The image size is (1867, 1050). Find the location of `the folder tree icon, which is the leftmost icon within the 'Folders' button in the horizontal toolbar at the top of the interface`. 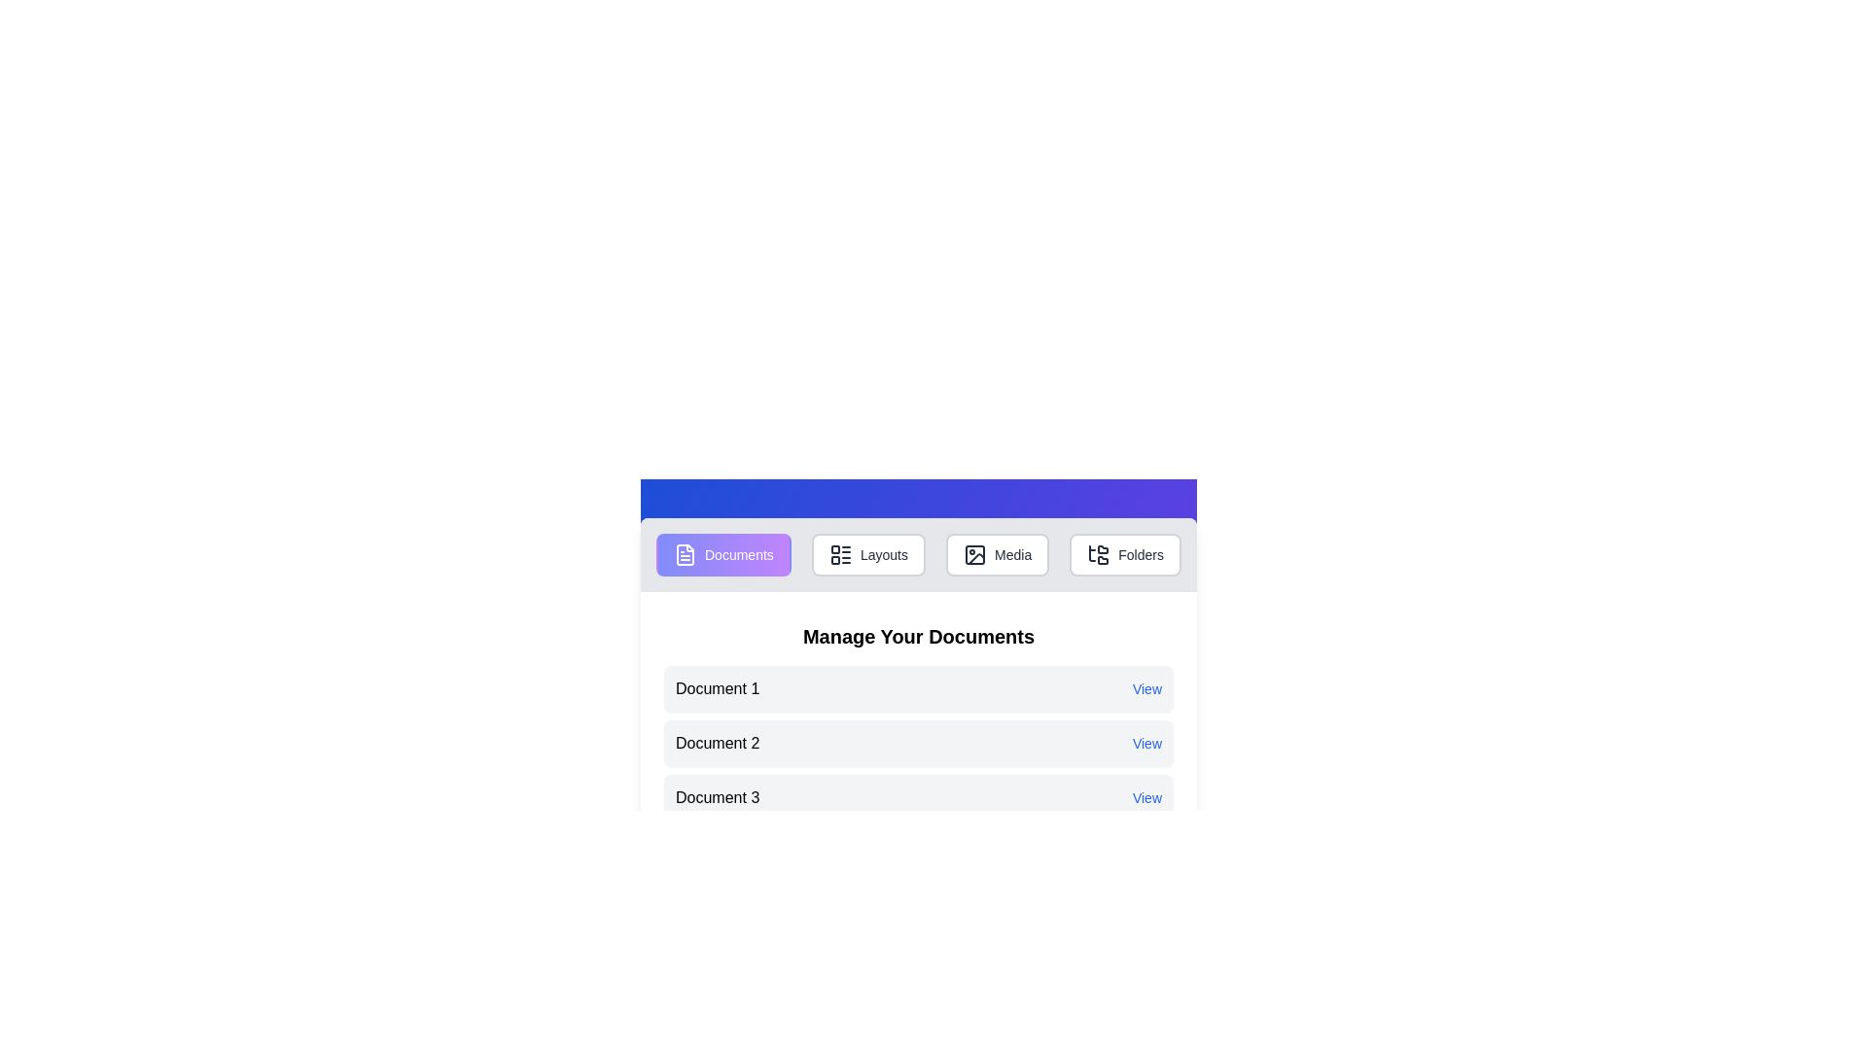

the folder tree icon, which is the leftmost icon within the 'Folders' button in the horizontal toolbar at the top of the interface is located at coordinates (1099, 554).